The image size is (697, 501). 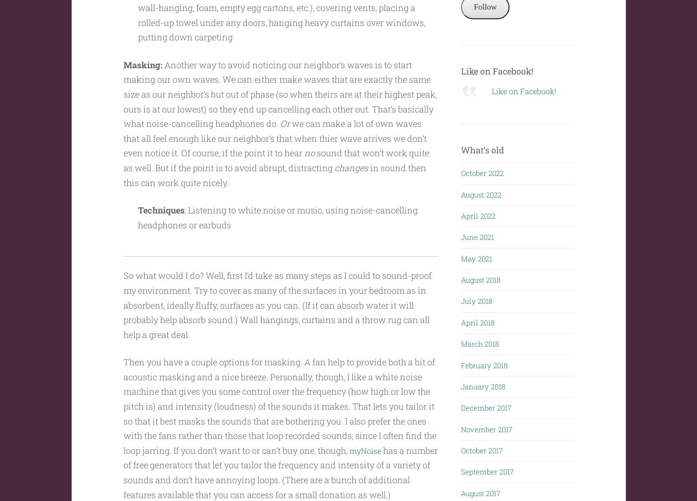 I want to click on 'February 2018', so click(x=484, y=363).